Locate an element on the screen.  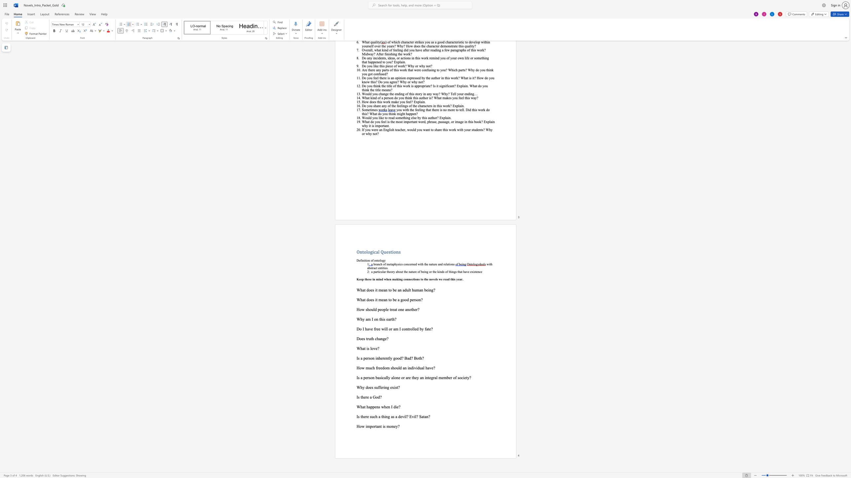
the 3th character "i" in the text is located at coordinates (449, 264).